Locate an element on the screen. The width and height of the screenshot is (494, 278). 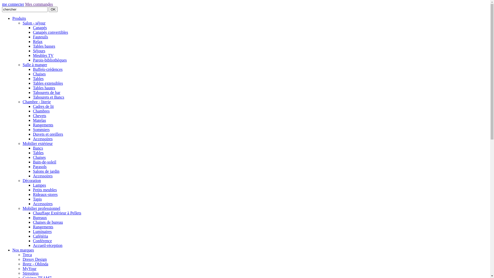
'Bretz - Ohlinda' is located at coordinates (22, 264).